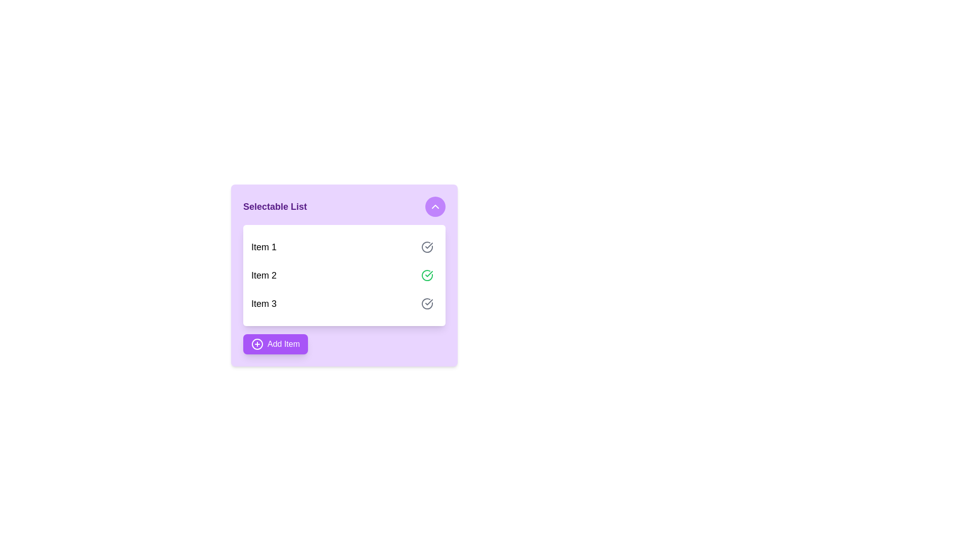 The height and width of the screenshot is (546, 971). What do you see at coordinates (435, 206) in the screenshot?
I see `the button located in the far right corner of the title bar of the panel labeled 'Selectable List'` at bounding box center [435, 206].